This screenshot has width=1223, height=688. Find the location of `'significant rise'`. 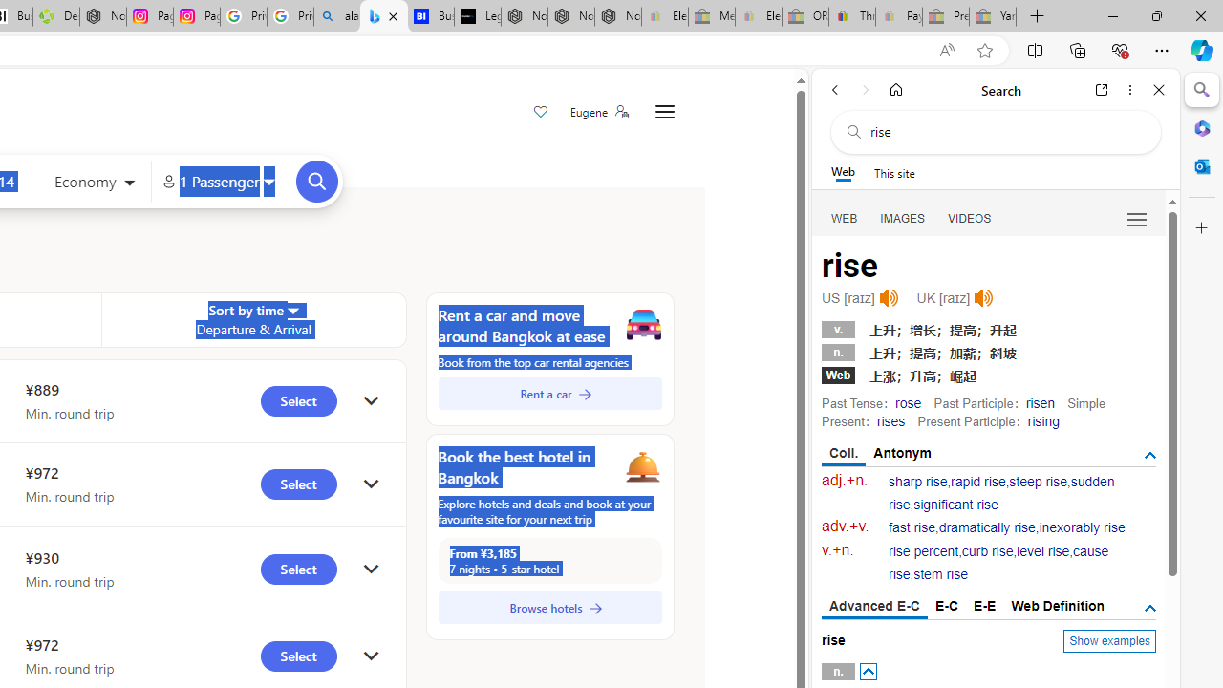

'significant rise' is located at coordinates (955, 504).